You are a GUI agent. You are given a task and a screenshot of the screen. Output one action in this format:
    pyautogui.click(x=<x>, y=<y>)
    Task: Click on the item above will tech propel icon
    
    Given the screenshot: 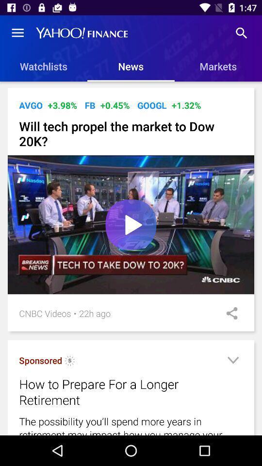 What is the action you would take?
    pyautogui.click(x=115, y=105)
    